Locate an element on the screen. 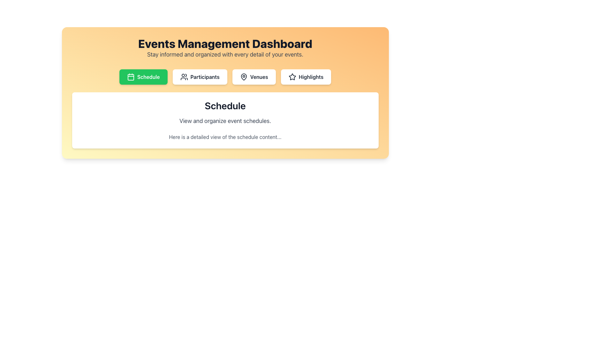 The width and height of the screenshot is (613, 345). the stylized star icon inside the 'Highlights' button located in the main action panel under 'Events Management Dashboard' is located at coordinates (292, 76).